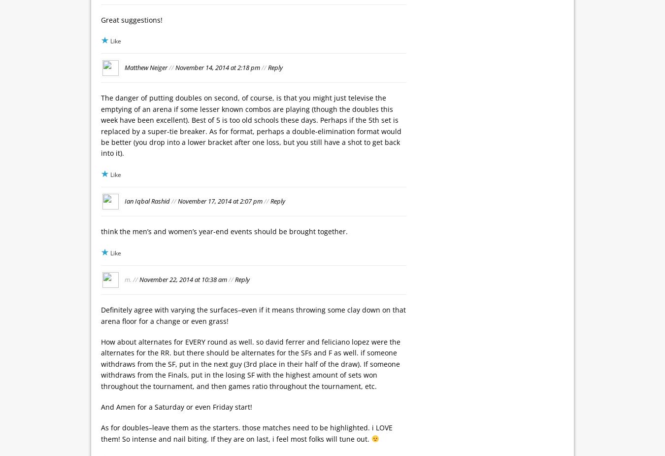  I want to click on 'Definitely agree with varying the surfaces–even if it means throwing some clay down on that arena floor for a change or even grass!', so click(253, 315).